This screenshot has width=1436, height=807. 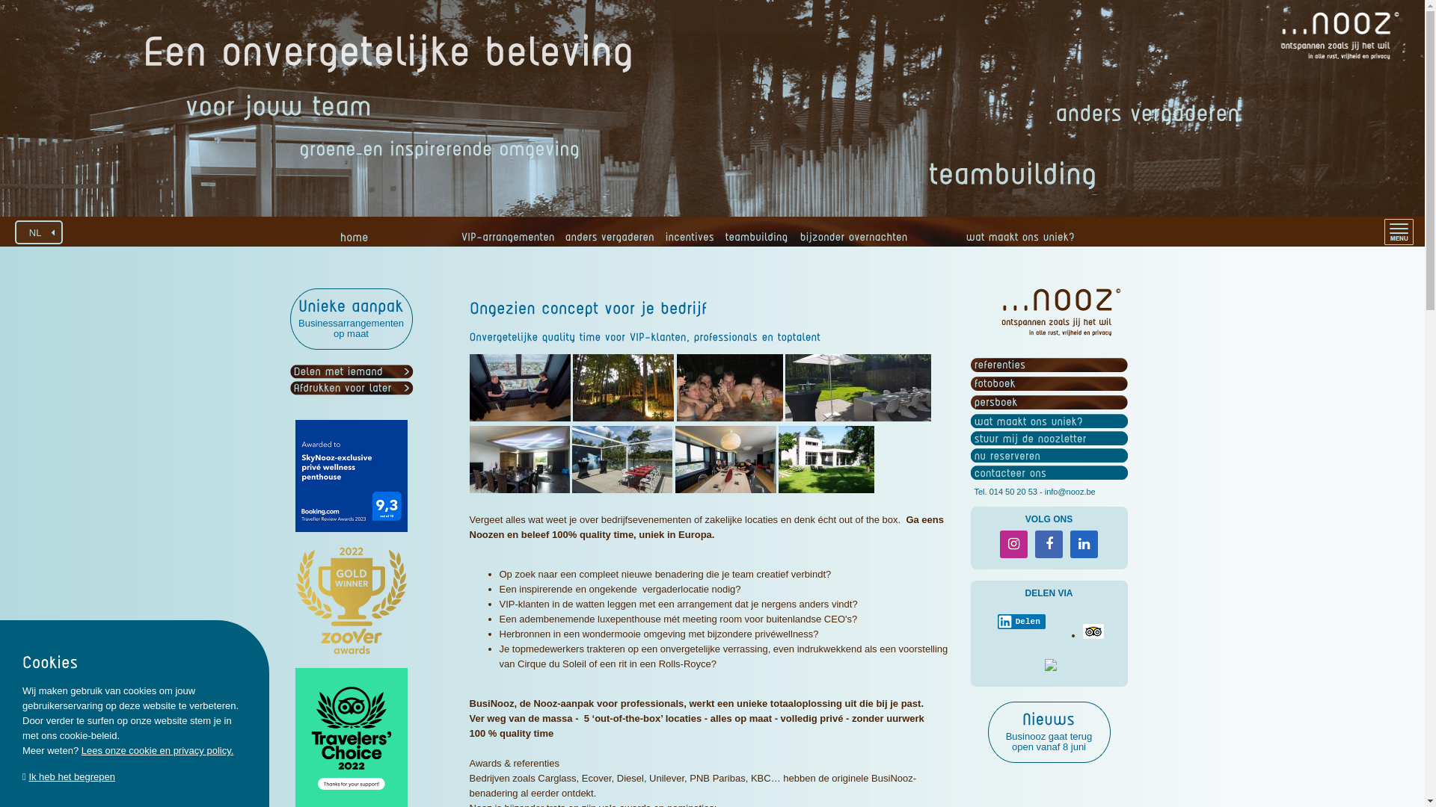 I want to click on 'contacteer ons', so click(x=1010, y=472).